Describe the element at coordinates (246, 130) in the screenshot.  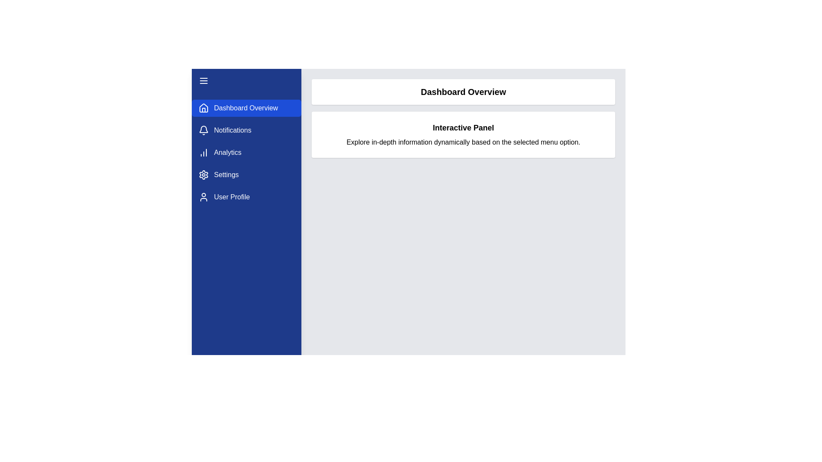
I see `the 'Notifications' navigation menu item, which is the second entry in the sidebar menu` at that location.